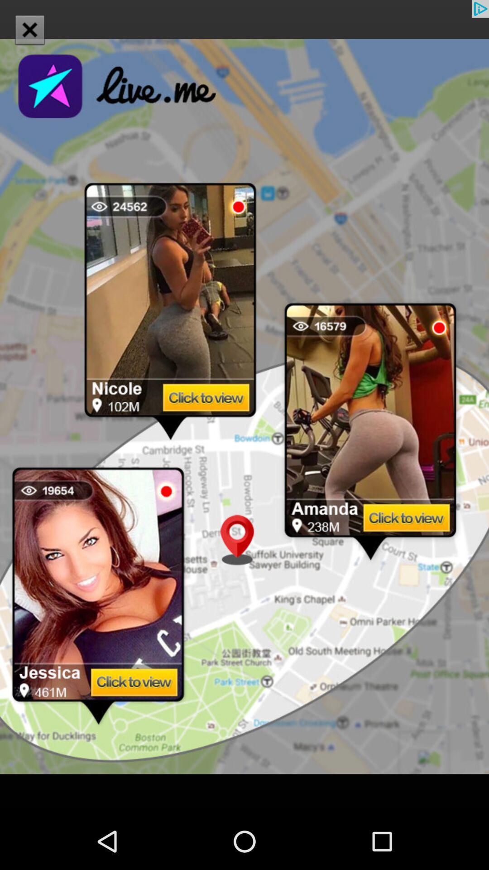 Image resolution: width=489 pixels, height=870 pixels. I want to click on the close icon, so click(35, 38).